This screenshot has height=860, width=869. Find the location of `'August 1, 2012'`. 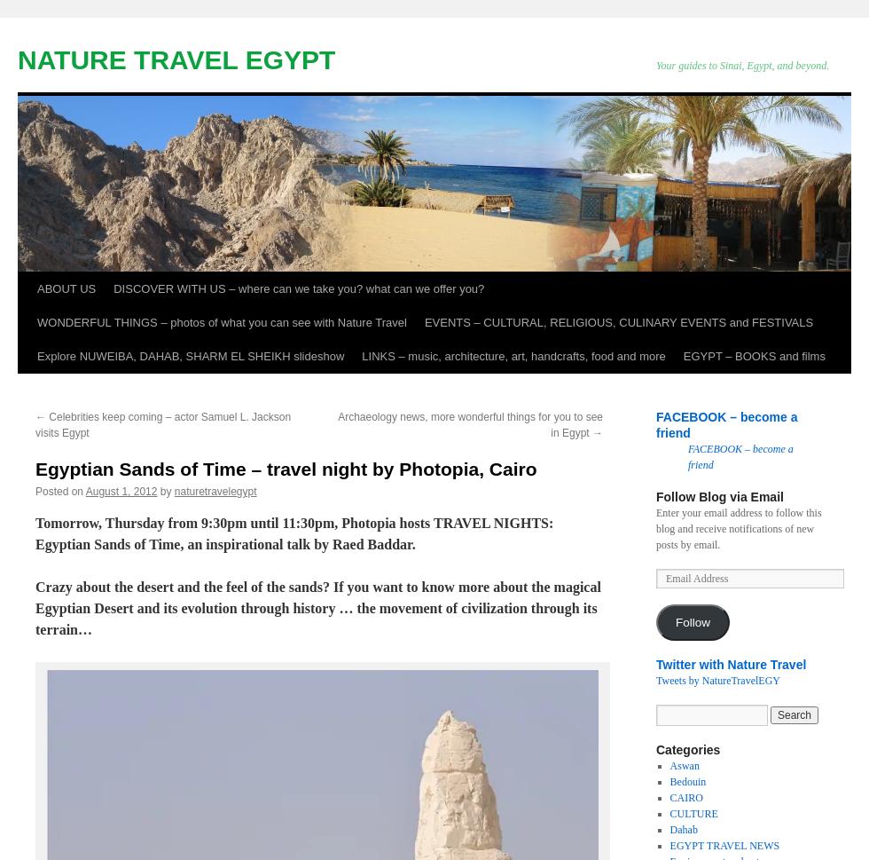

'August 1, 2012' is located at coordinates (121, 491).